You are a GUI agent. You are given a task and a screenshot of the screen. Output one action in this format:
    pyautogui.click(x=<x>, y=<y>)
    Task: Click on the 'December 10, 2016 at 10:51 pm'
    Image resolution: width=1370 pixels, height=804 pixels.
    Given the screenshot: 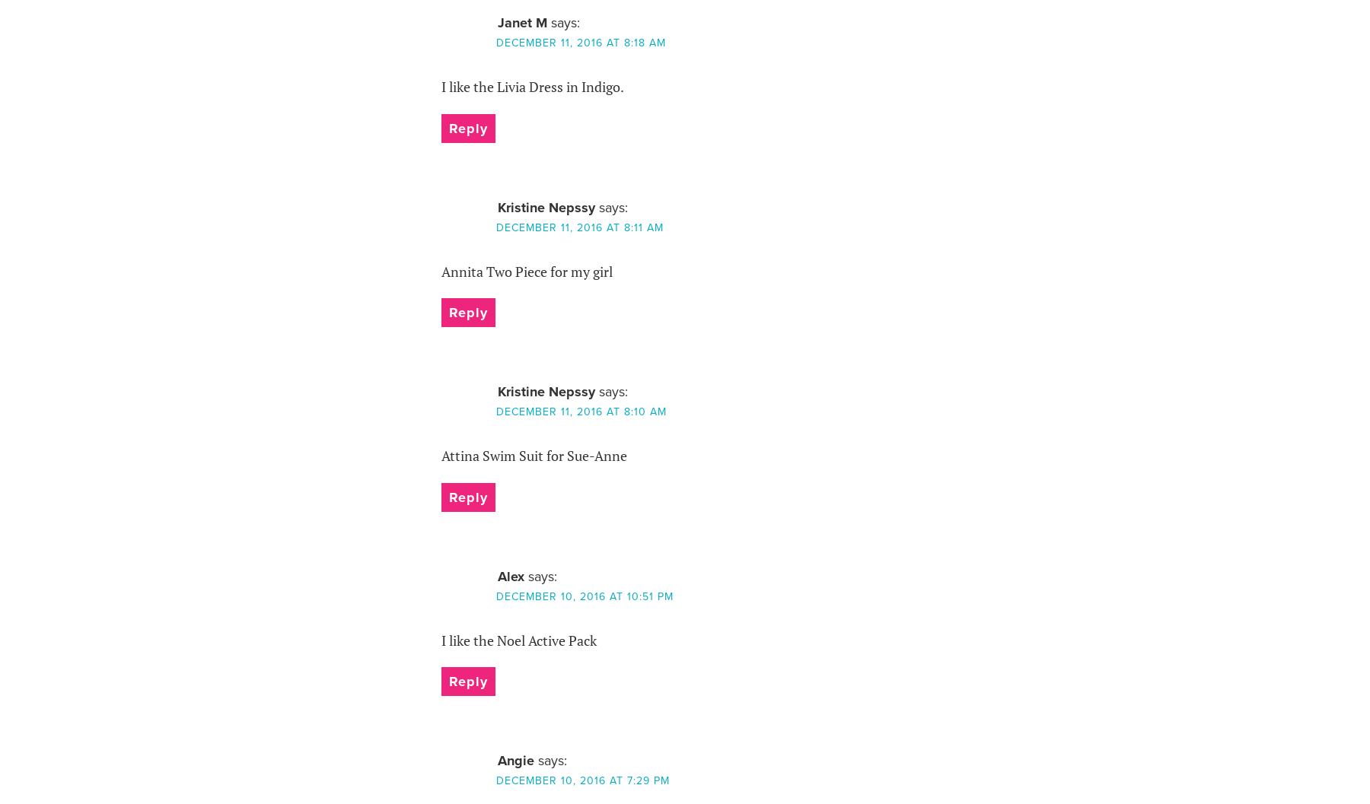 What is the action you would take?
    pyautogui.click(x=583, y=596)
    